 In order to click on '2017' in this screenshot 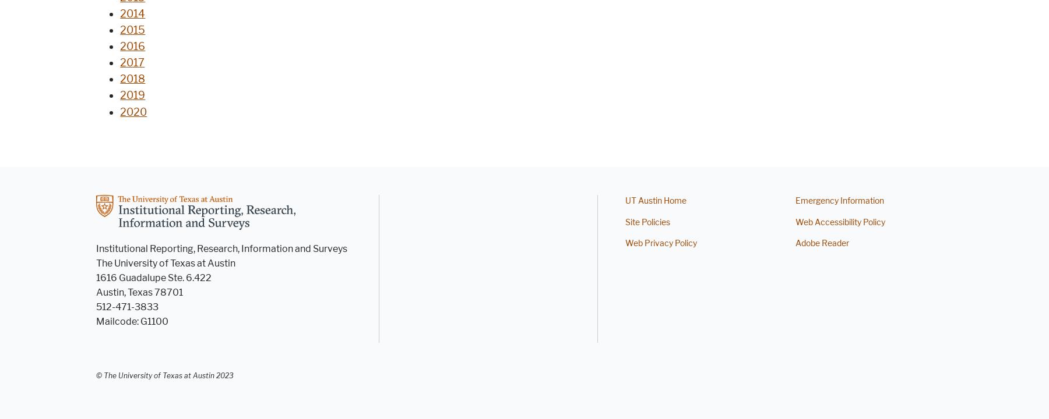, I will do `click(131, 63)`.